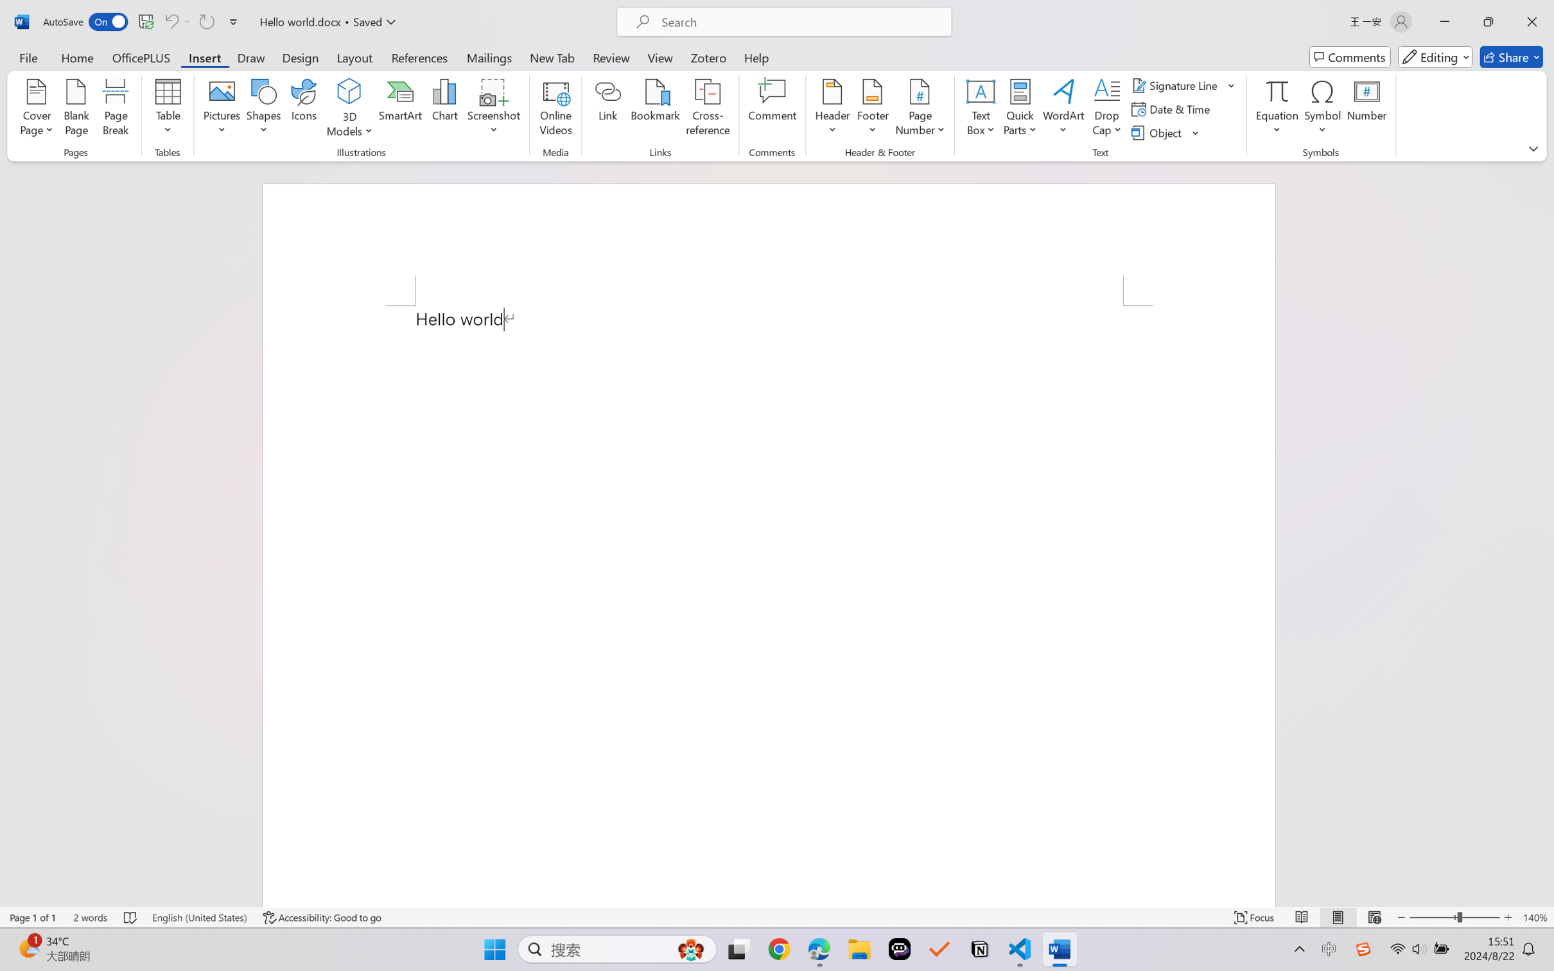 This screenshot has width=1554, height=971. What do you see at coordinates (37, 109) in the screenshot?
I see `'Cover Page'` at bounding box center [37, 109].